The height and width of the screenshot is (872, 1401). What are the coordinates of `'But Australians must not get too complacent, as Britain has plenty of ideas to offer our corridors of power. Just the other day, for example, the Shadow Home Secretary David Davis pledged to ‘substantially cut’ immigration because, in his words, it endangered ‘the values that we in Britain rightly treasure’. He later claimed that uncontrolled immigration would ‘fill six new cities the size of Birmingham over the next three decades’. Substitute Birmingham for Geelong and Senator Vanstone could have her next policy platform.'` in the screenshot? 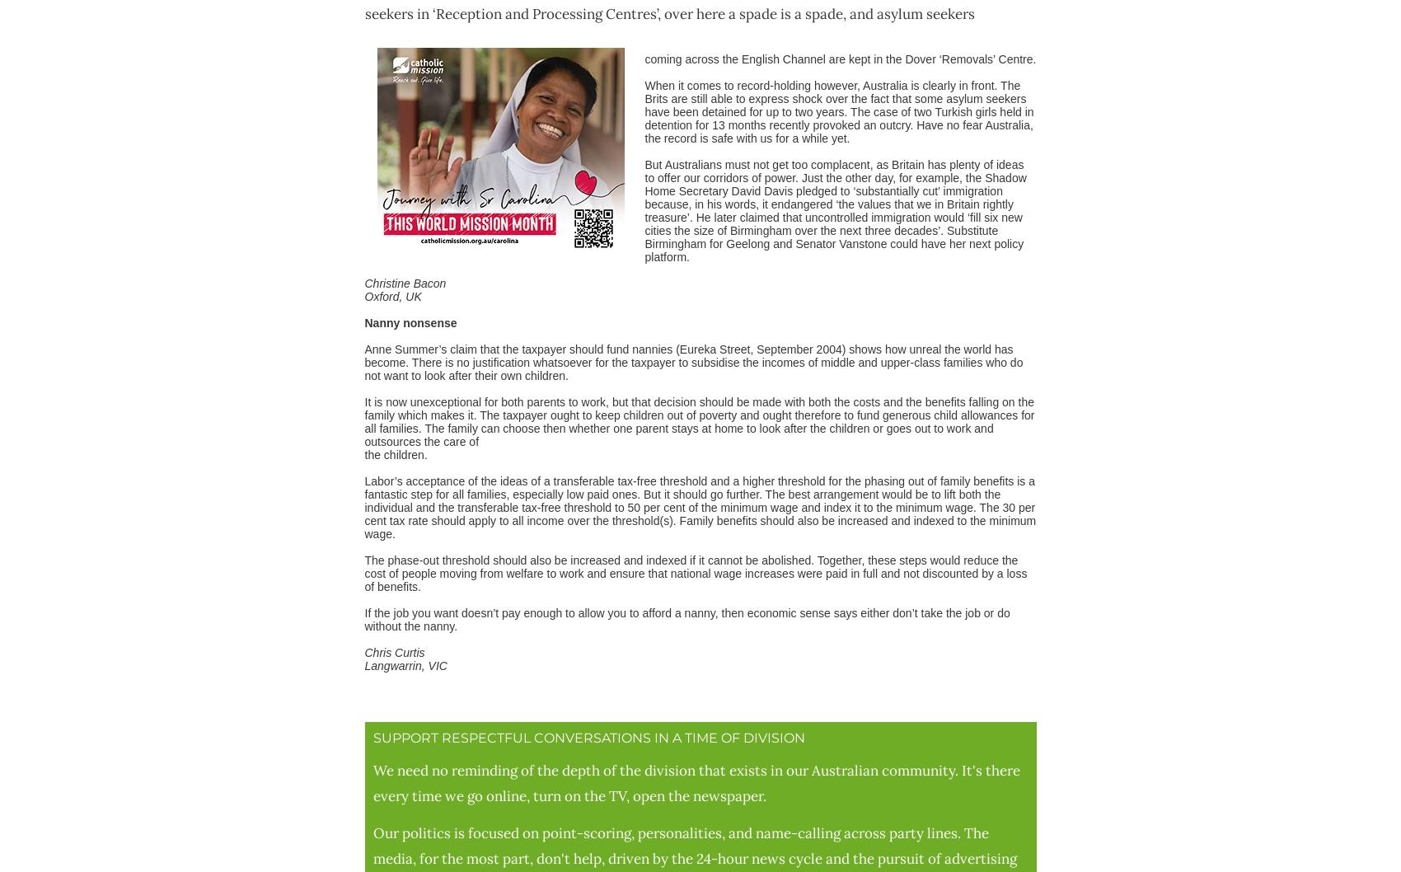 It's located at (834, 209).